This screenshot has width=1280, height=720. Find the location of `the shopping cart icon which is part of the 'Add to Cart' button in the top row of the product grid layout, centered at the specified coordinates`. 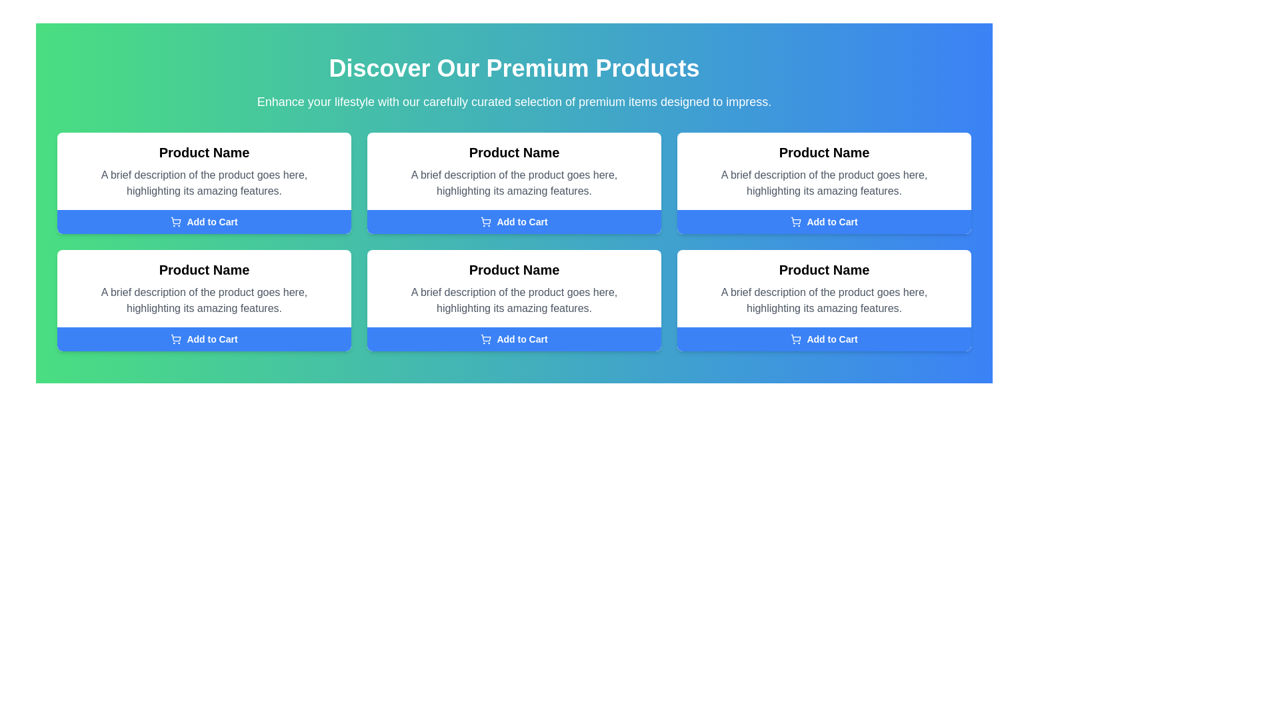

the shopping cart icon which is part of the 'Add to Cart' button in the top row of the product grid layout, centered at the specified coordinates is located at coordinates (485, 220).